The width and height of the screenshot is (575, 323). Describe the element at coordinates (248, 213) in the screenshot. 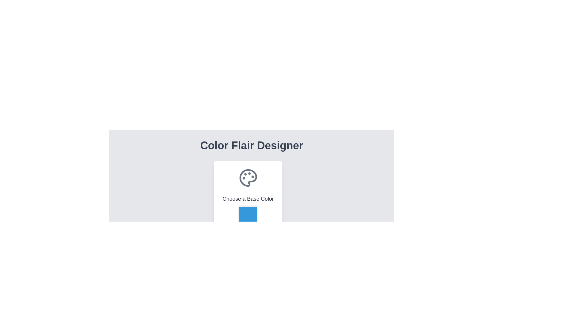

I see `the blue square color selection component` at that location.